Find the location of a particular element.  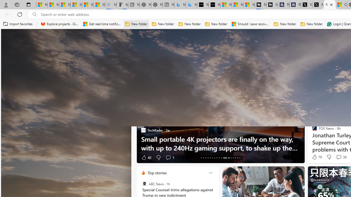

'Search icon' is located at coordinates (34, 14).